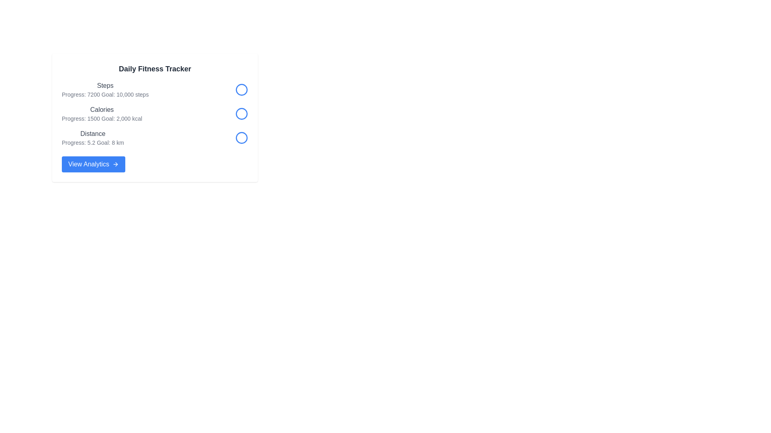 The height and width of the screenshot is (433, 771). What do you see at coordinates (93, 137) in the screenshot?
I see `the informational text that shows the user's distance progress towards a goal in the 'Daily Fitness Tracker' panel, located below the 'Calories' section and above the 'View Analytics' button` at bounding box center [93, 137].